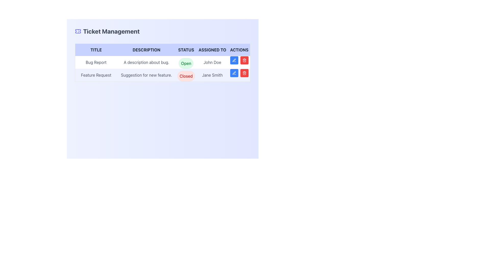 The image size is (490, 275). Describe the element at coordinates (234, 60) in the screenshot. I see `the pen-shaped icon button in the second row of the 'Actions' column corresponding to the 'Feature Request' item` at that location.